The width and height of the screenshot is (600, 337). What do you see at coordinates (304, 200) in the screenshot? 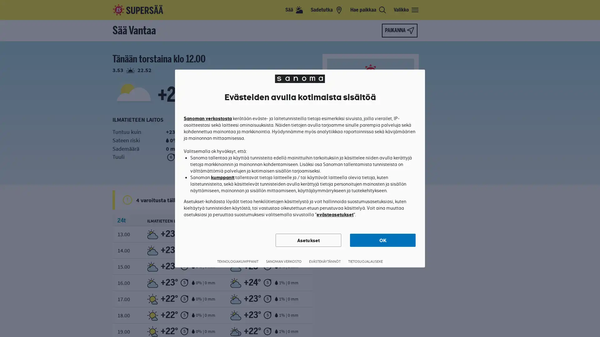
I see `Nayta kaikki varoitukset` at bounding box center [304, 200].